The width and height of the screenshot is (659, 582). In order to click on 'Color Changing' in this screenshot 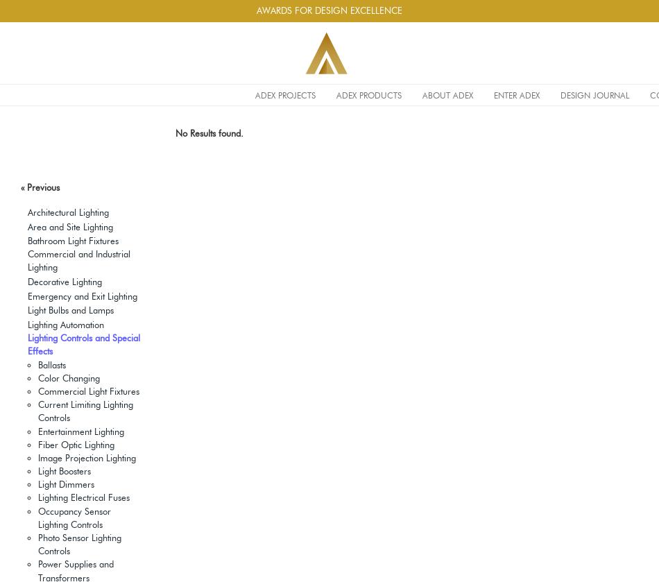, I will do `click(69, 377)`.